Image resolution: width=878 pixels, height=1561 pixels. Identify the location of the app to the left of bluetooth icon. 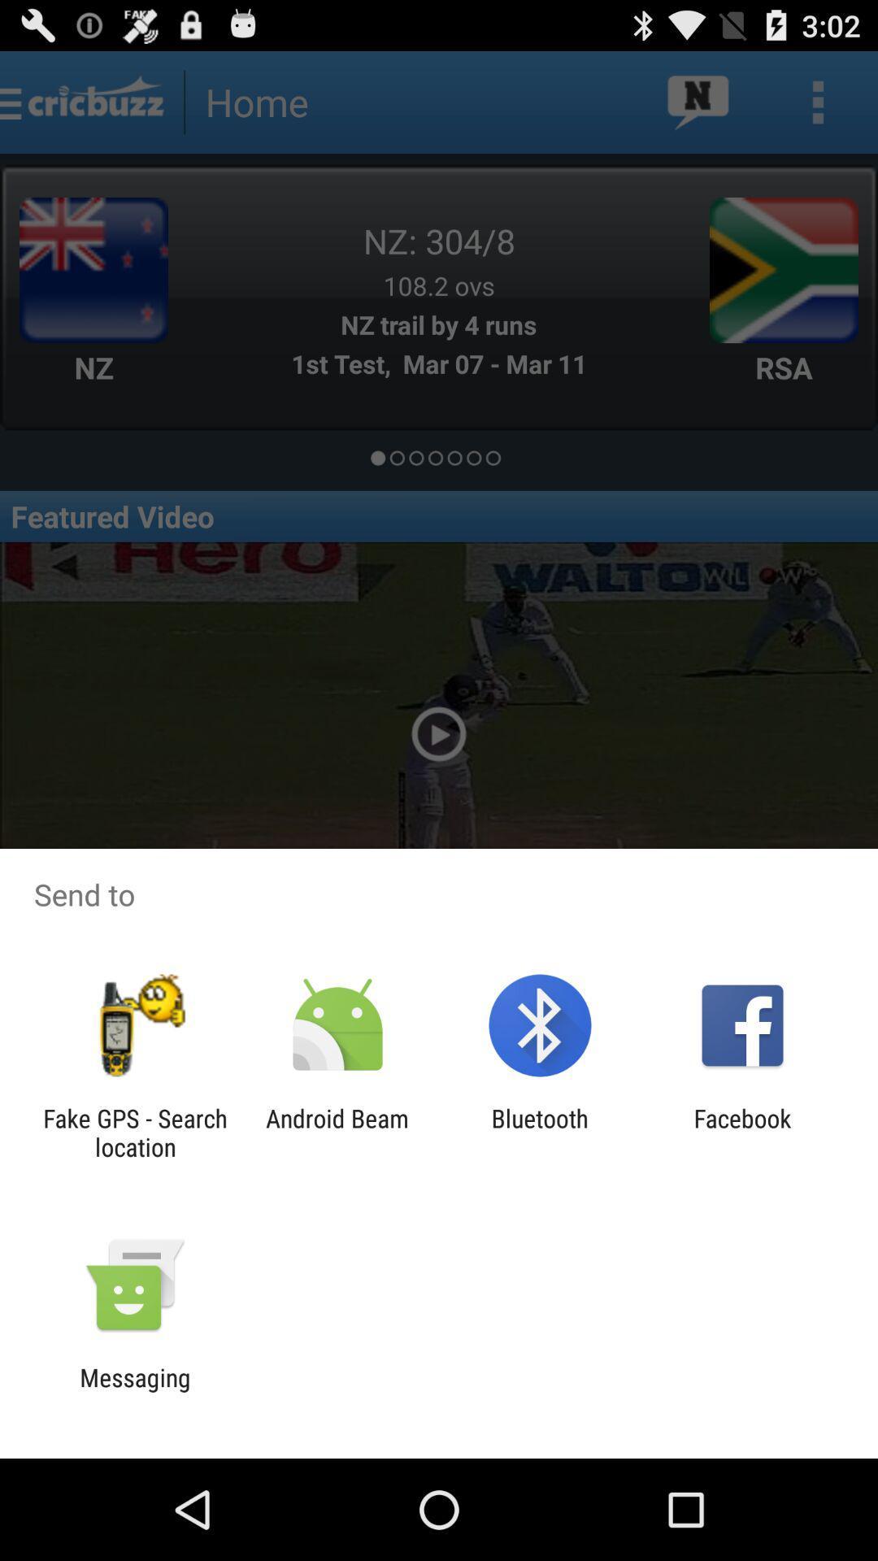
(337, 1132).